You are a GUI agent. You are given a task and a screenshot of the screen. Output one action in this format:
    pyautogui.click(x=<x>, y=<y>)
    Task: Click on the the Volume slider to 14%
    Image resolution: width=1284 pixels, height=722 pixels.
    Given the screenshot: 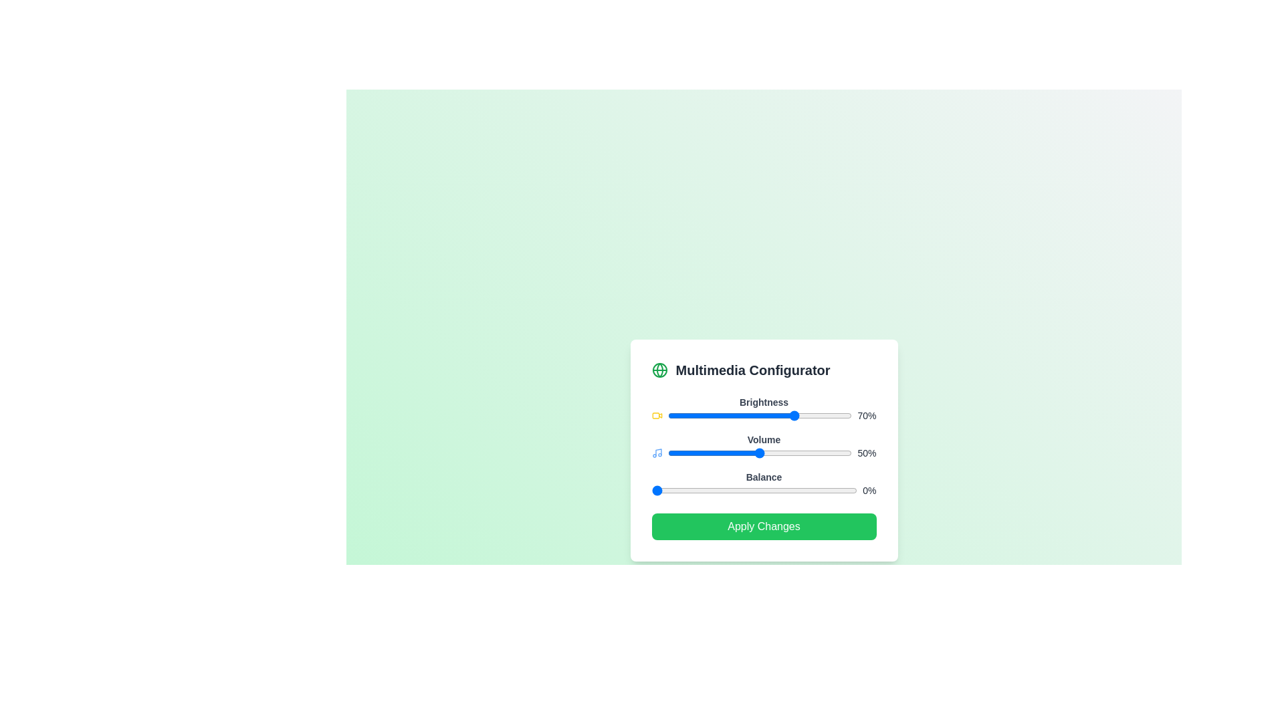 What is the action you would take?
    pyautogui.click(x=693, y=453)
    